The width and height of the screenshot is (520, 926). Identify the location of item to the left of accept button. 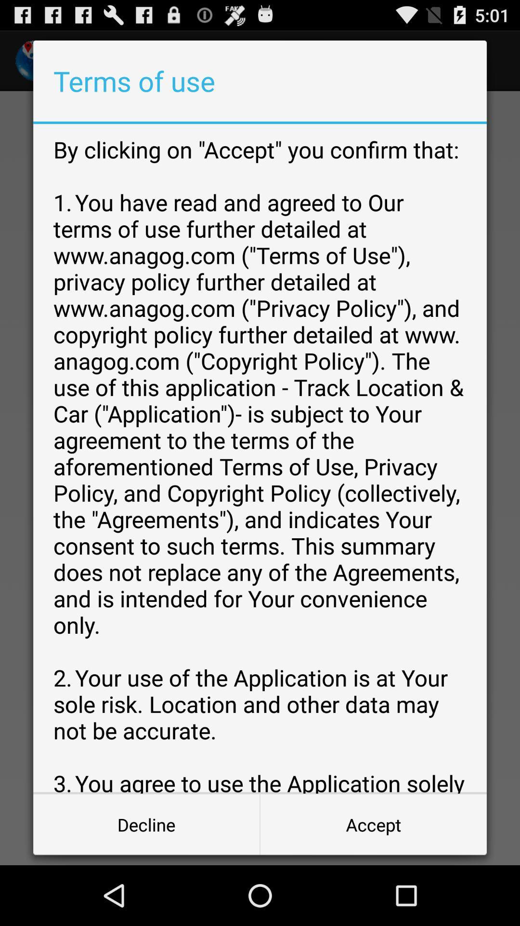
(146, 824).